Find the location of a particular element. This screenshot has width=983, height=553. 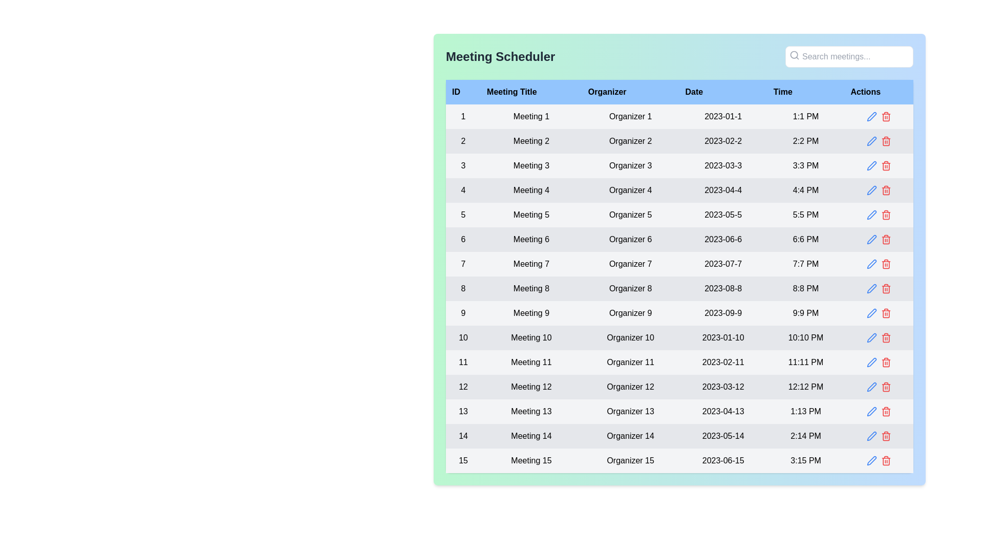

the static text label displaying 'Meeting 6' in the sixth row of the table under the 'Meeting Title' column is located at coordinates (531, 239).